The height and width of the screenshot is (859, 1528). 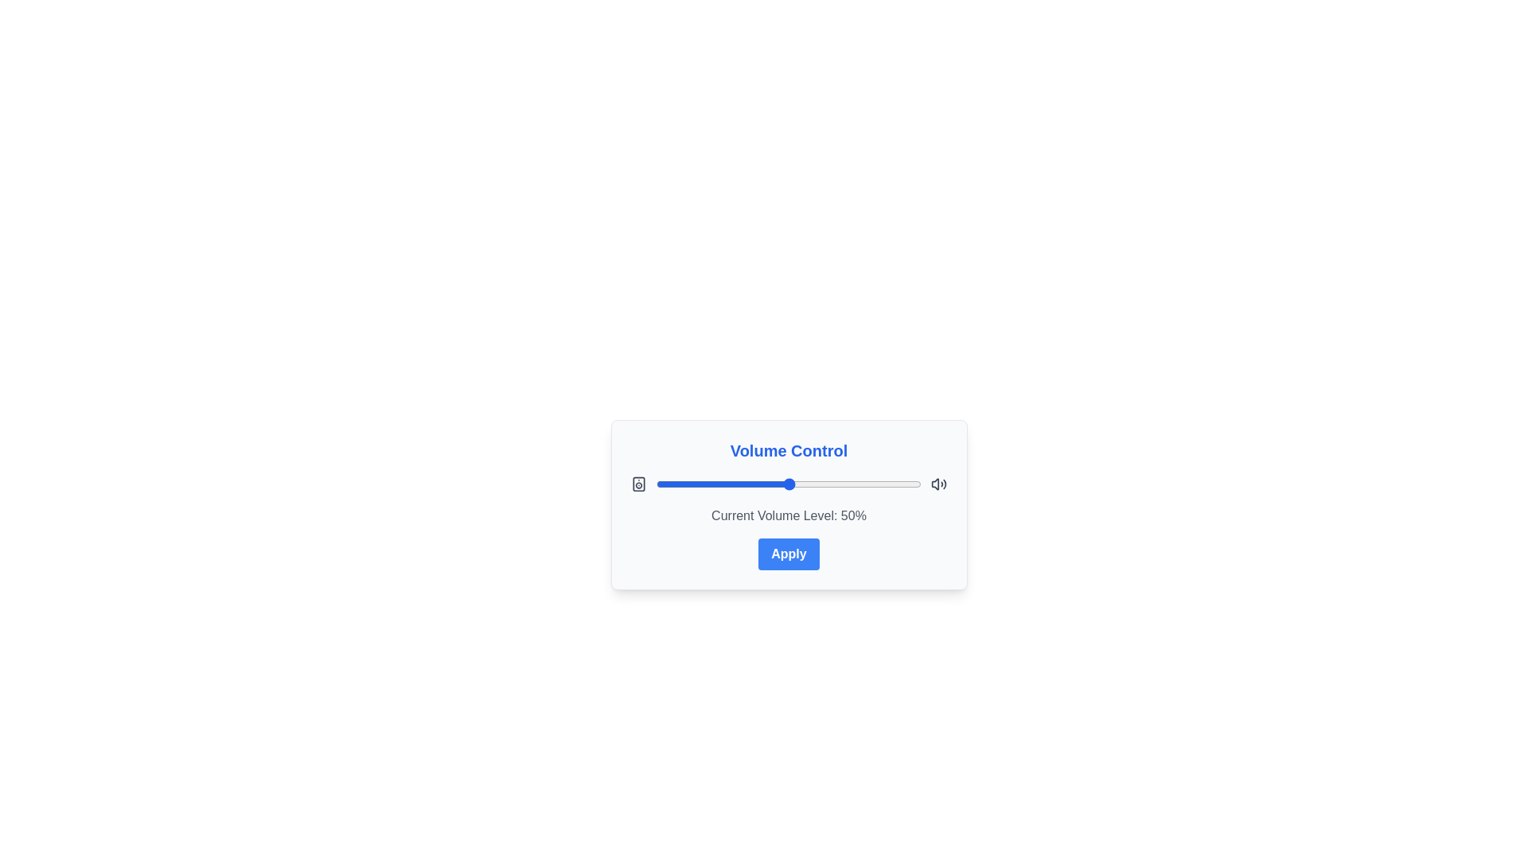 I want to click on the volume level, so click(x=743, y=484).